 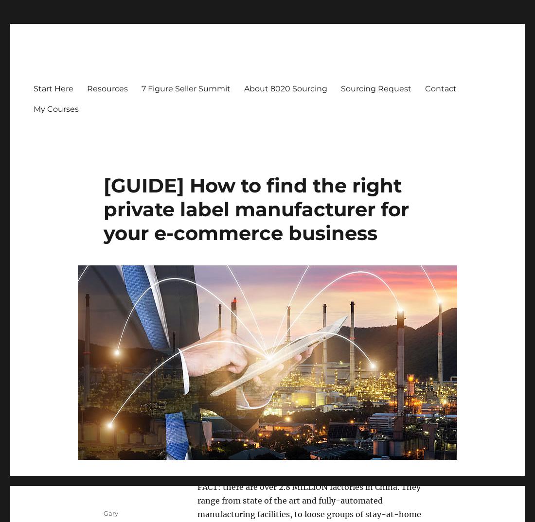 What do you see at coordinates (141, 88) in the screenshot?
I see `'7 Figure Seller Summit'` at bounding box center [141, 88].